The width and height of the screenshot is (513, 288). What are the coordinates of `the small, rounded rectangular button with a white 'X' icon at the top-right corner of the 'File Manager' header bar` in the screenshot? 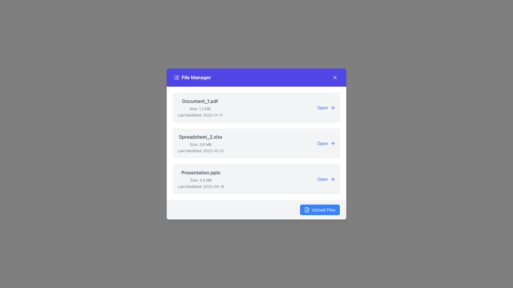 It's located at (335, 77).